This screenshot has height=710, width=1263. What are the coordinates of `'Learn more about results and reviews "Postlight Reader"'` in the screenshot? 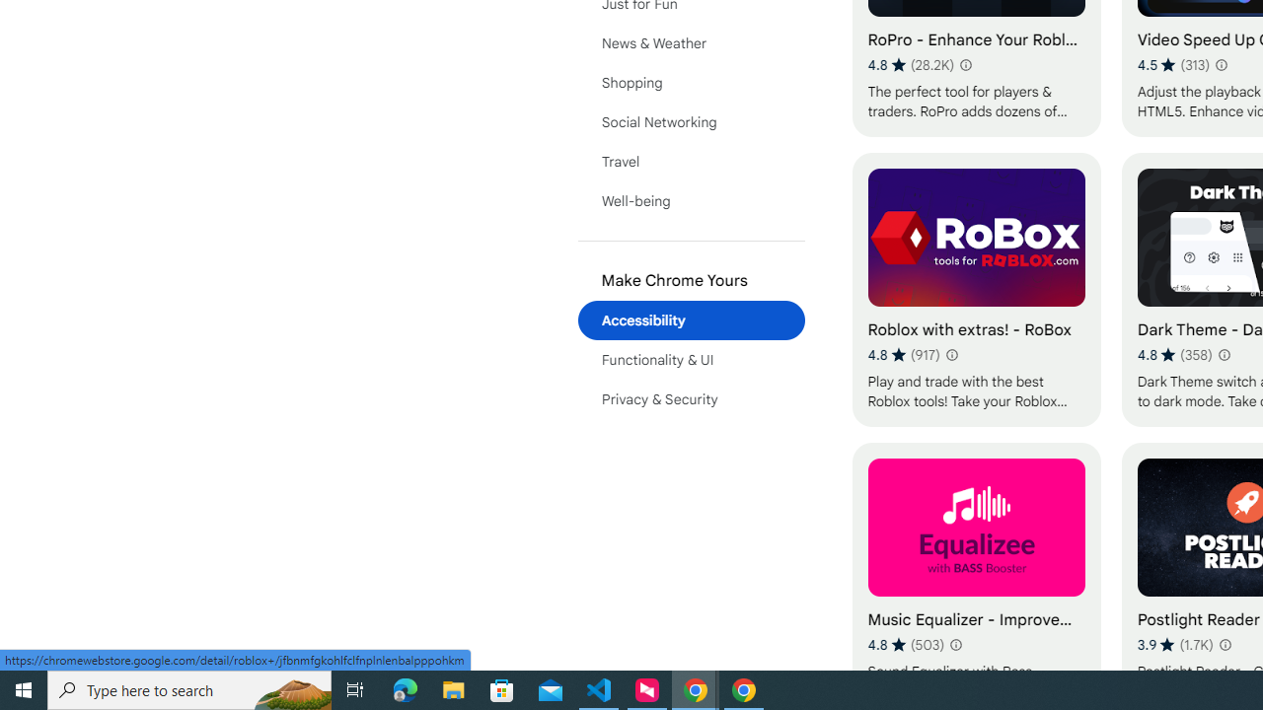 It's located at (1223, 645).